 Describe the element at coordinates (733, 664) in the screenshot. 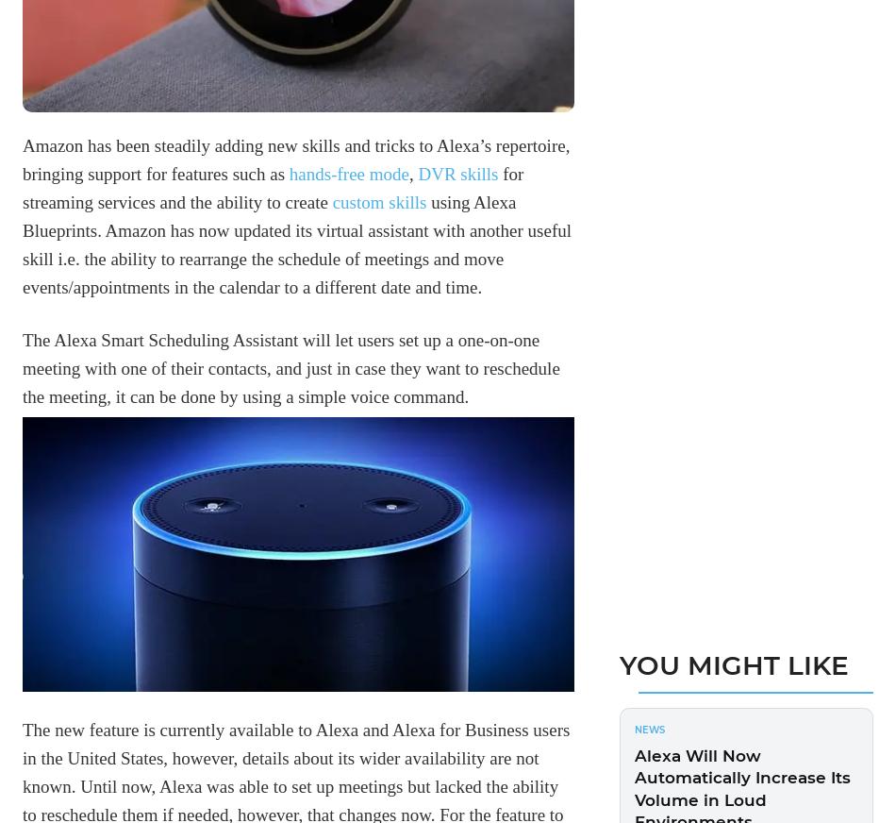

I see `'You Might Like'` at that location.